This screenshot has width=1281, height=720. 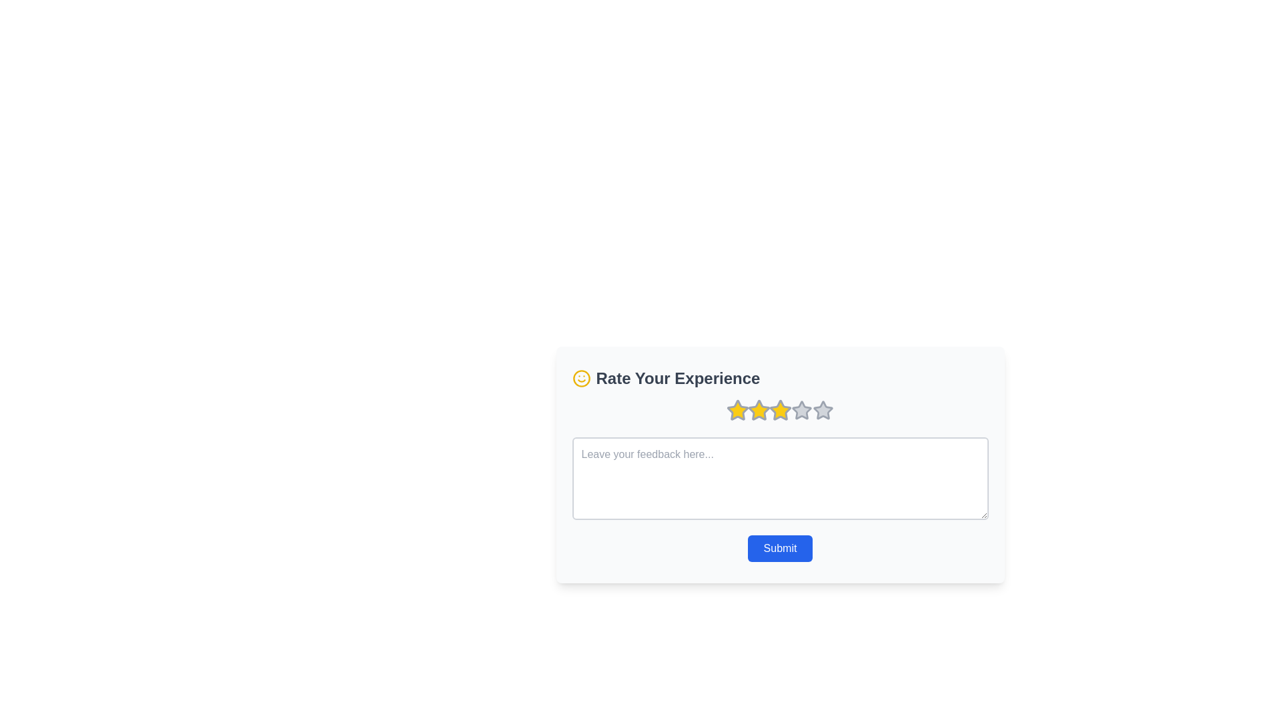 I want to click on the third star icon in the horizontal rating component, so click(x=759, y=410).